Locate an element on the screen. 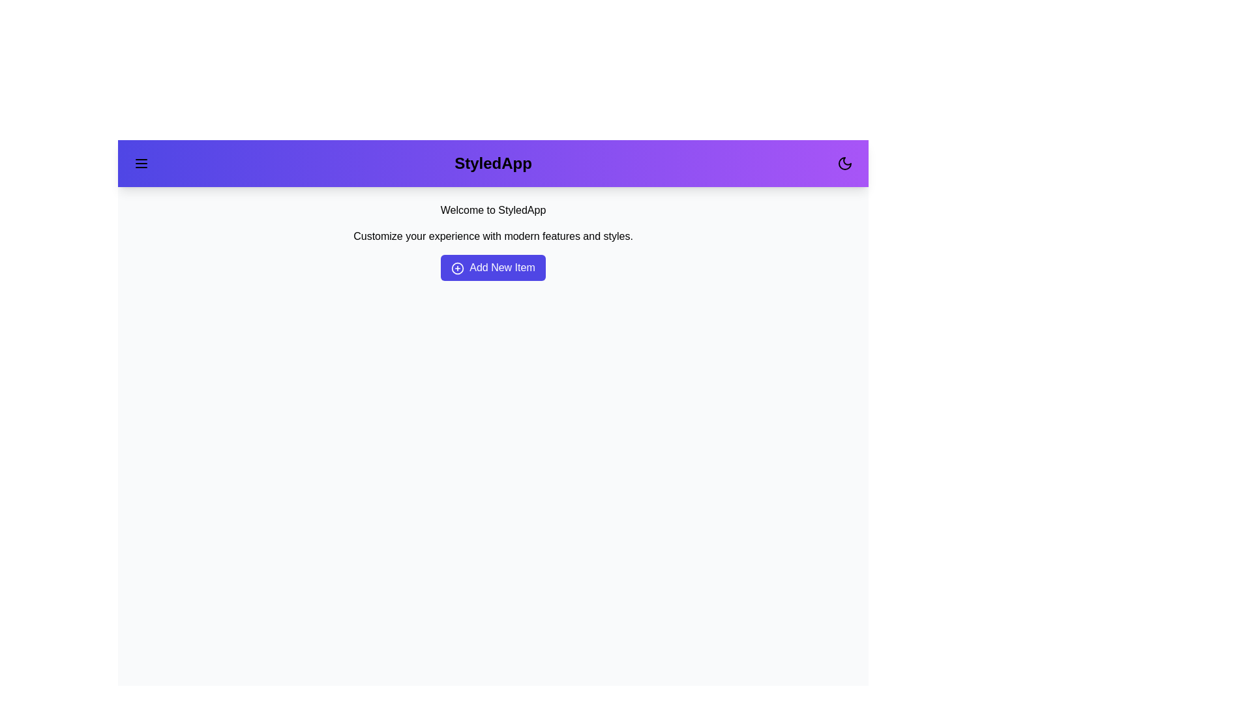 The image size is (1252, 704). the 'Add New Item' button is located at coordinates (492, 267).